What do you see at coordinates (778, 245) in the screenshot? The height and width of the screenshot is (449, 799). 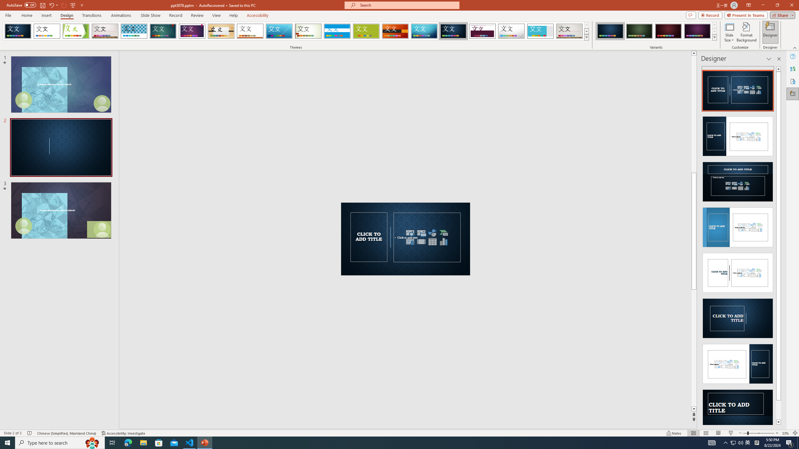 I see `'Class: NetUIScrollBar'` at bounding box center [778, 245].